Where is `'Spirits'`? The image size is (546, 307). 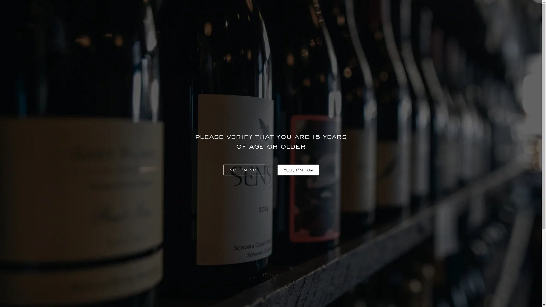
'Spirits' is located at coordinates (315, 33).